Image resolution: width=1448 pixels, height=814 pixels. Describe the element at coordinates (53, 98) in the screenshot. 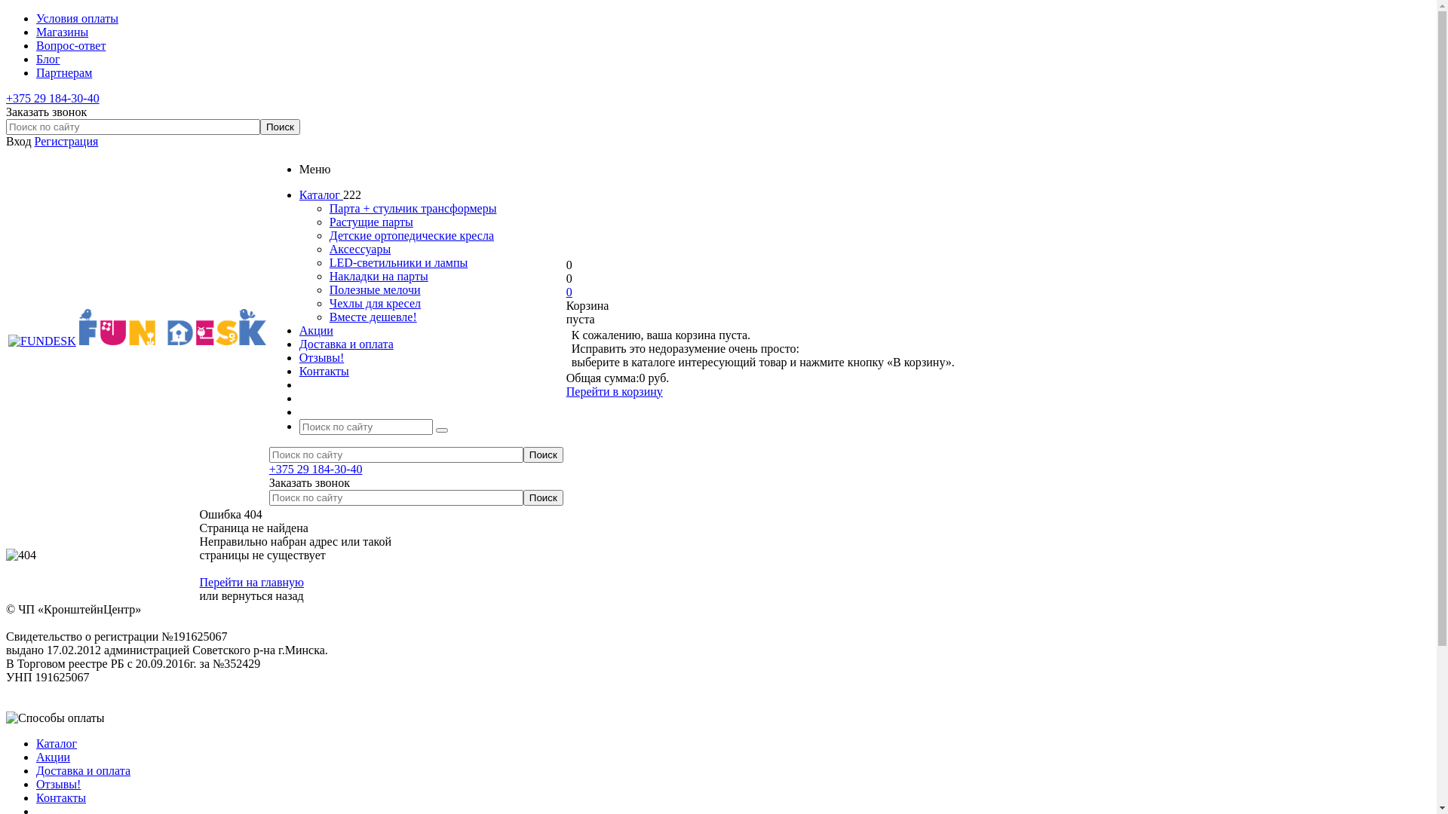

I see `'+375 29 184-30-40'` at that location.